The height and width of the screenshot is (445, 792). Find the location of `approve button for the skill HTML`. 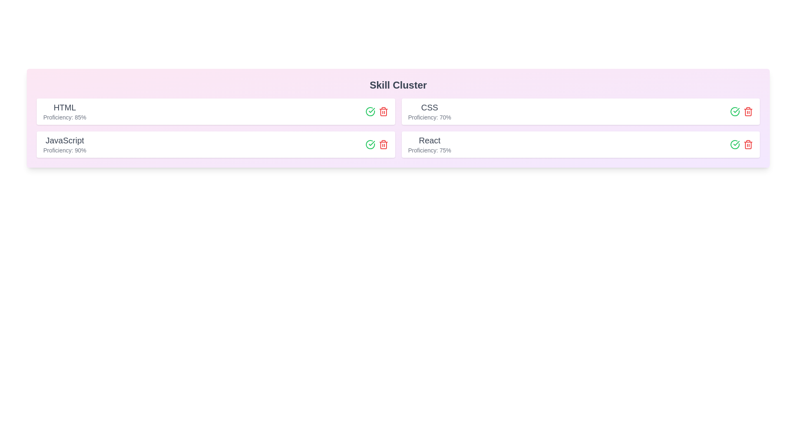

approve button for the skill HTML is located at coordinates (370, 111).